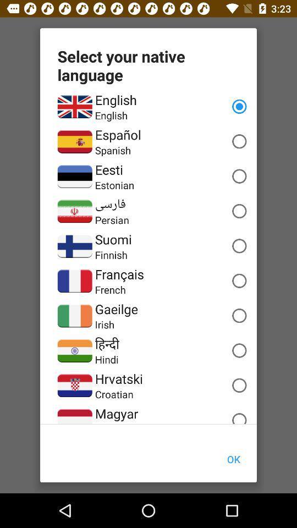 This screenshot has height=528, width=297. Describe the element at coordinates (113, 394) in the screenshot. I see `croatian icon` at that location.